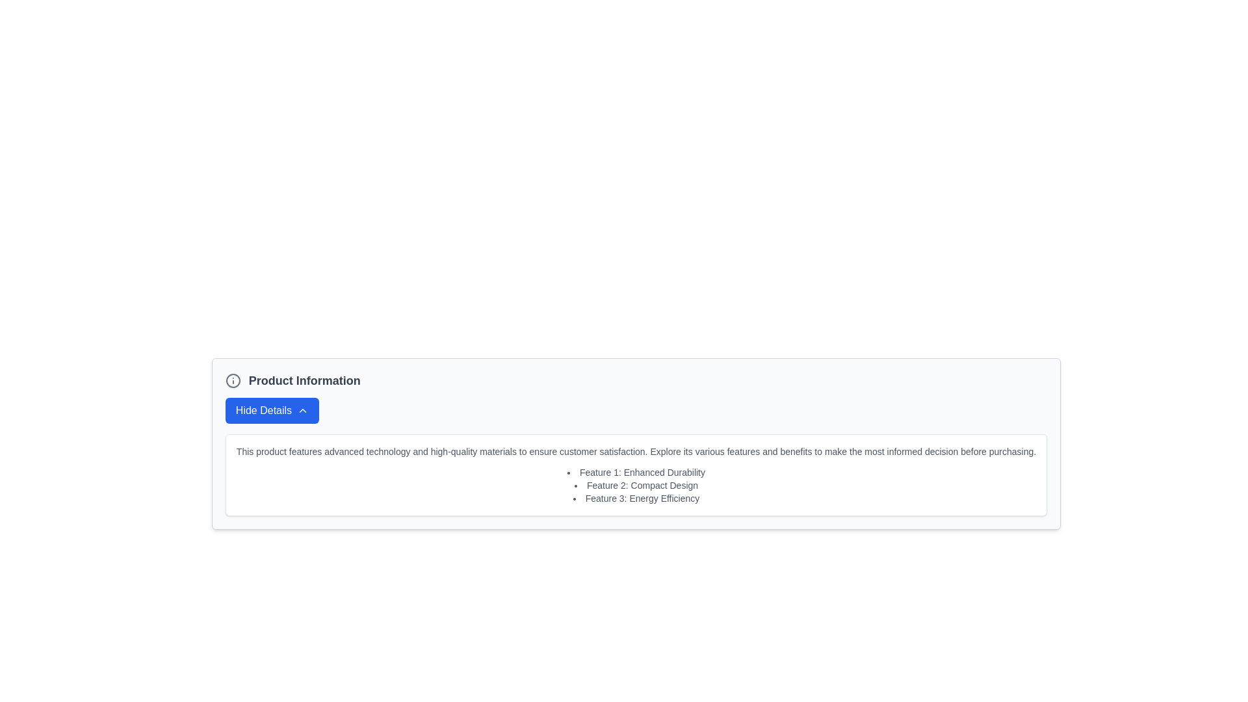 This screenshot has width=1248, height=702. I want to click on the first text item in the bulleted list that describes 'Enhanced Durability', located in the center section of the interface, so click(636, 472).